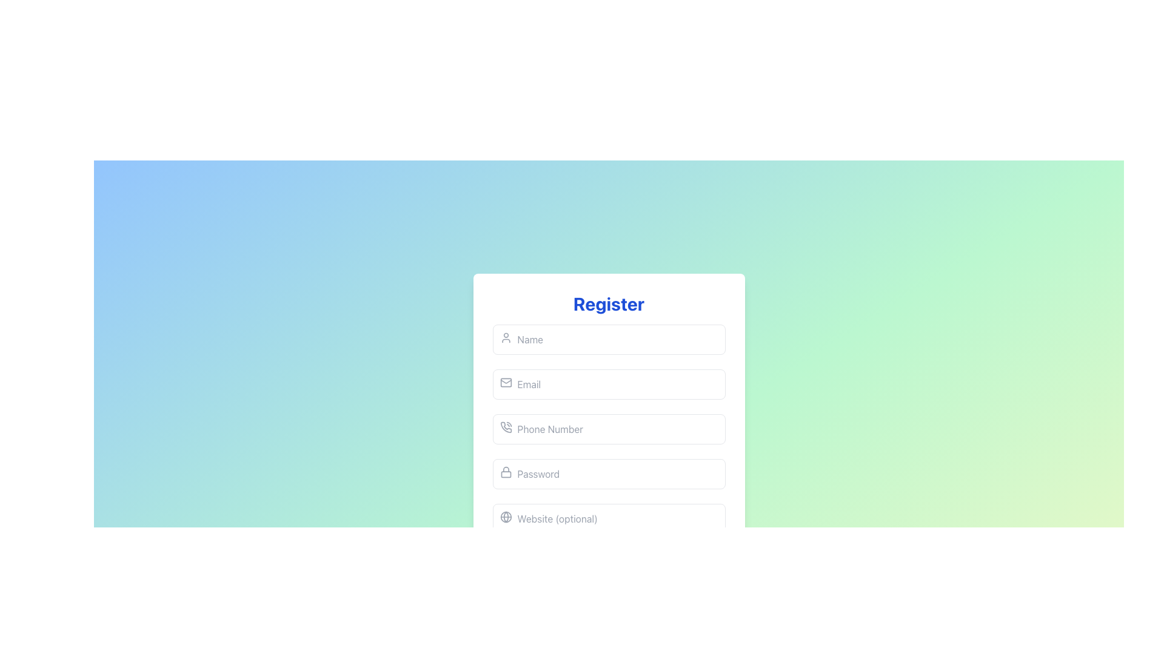 This screenshot has height=654, width=1164. What do you see at coordinates (609, 429) in the screenshot?
I see `the phone number text input field` at bounding box center [609, 429].